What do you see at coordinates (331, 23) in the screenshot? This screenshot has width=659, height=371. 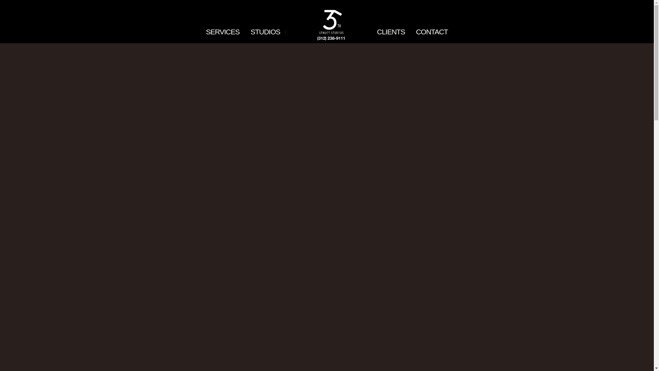 I see `'Home'` at bounding box center [331, 23].